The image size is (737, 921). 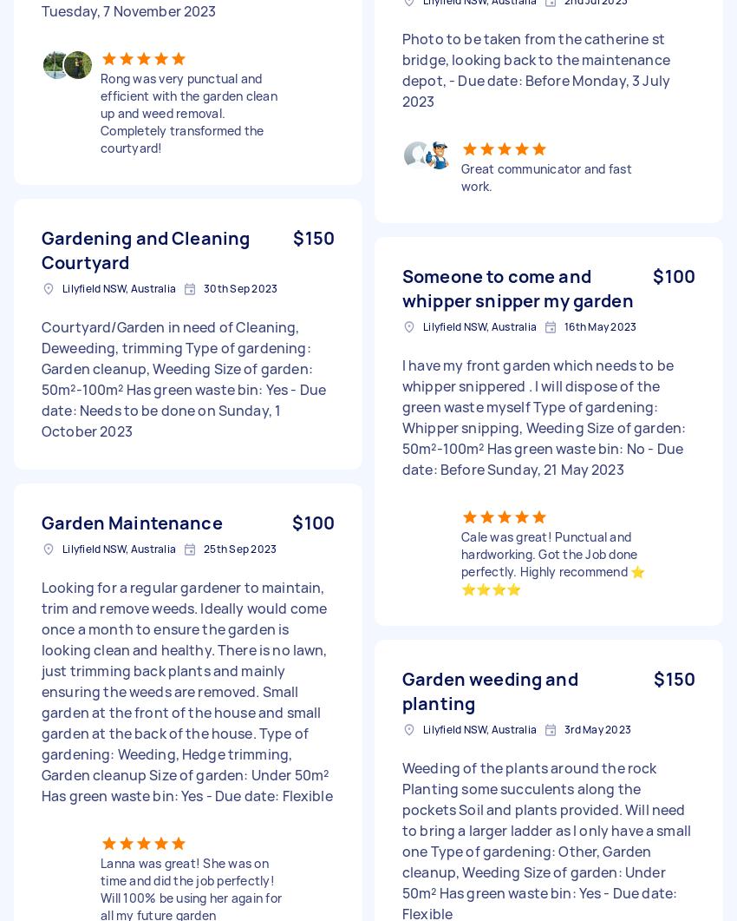 I want to click on 'I have my front garden which needs to be whipper snippered . 
I will dispose of the green waste myself
Type of gardening: Whipper snipping, Weeding
Size of garden: 50m²-100m²
Has green waste bin: No

-
Due date: Before Sunday, 21 May 2023', so click(x=543, y=417).